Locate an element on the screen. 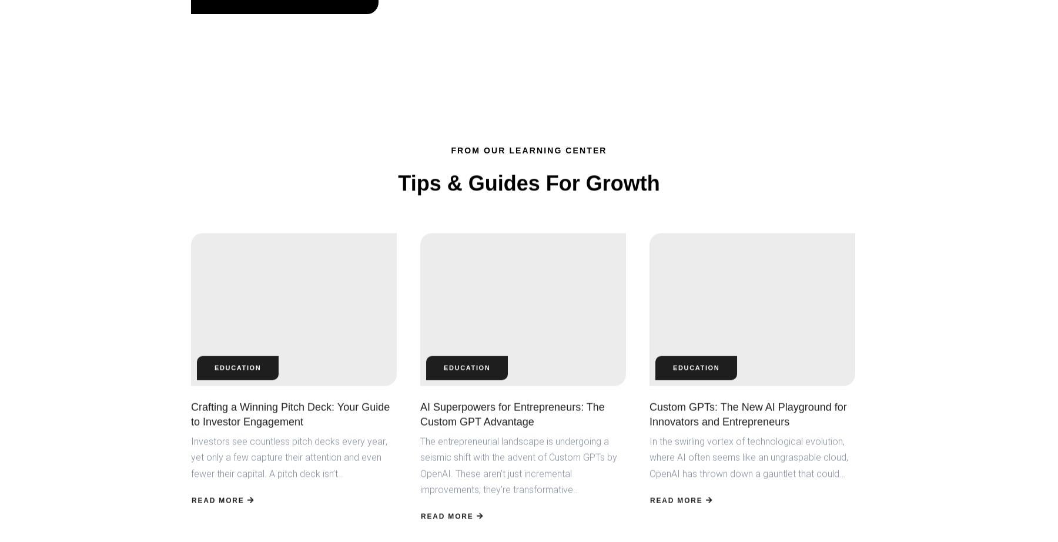 Image resolution: width=1058 pixels, height=542 pixels. 'The entrepreneurial landscape is undergoing a seismic shift with the advent of Custom GPTs by OpenAI. These aren’t just incremental improvements; they’re transformative…' is located at coordinates (518, 462).